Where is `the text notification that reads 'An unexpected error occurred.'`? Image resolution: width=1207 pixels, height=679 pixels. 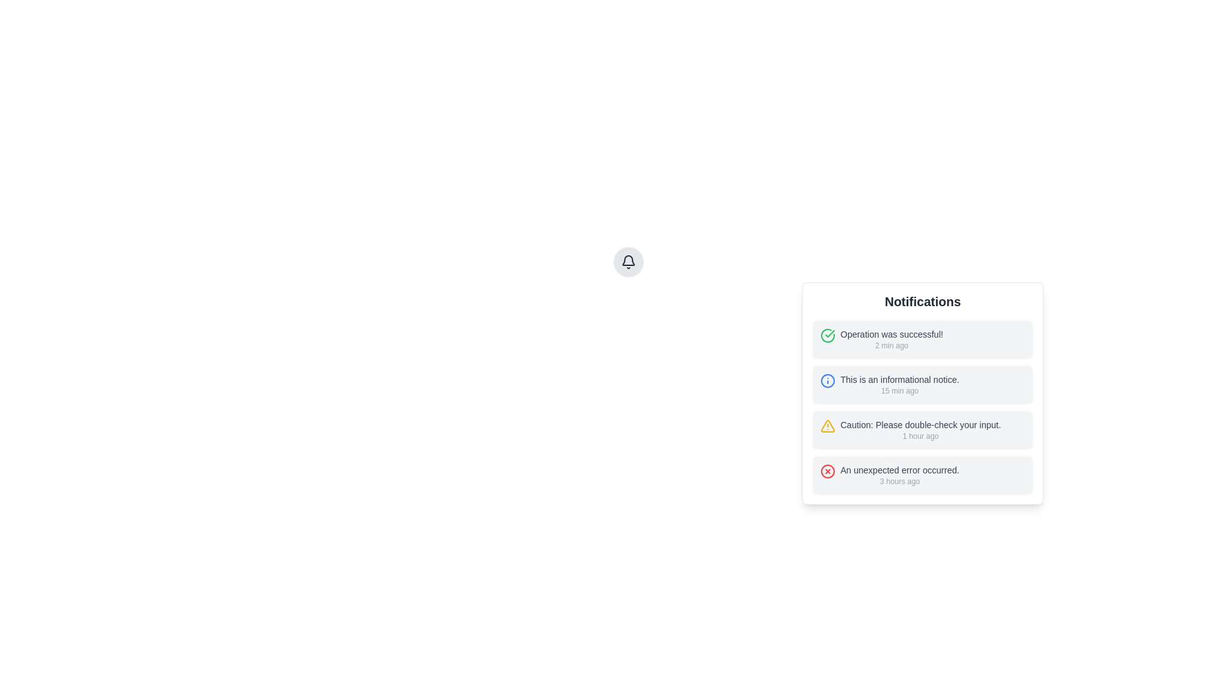 the text notification that reads 'An unexpected error occurred.' is located at coordinates (899, 475).